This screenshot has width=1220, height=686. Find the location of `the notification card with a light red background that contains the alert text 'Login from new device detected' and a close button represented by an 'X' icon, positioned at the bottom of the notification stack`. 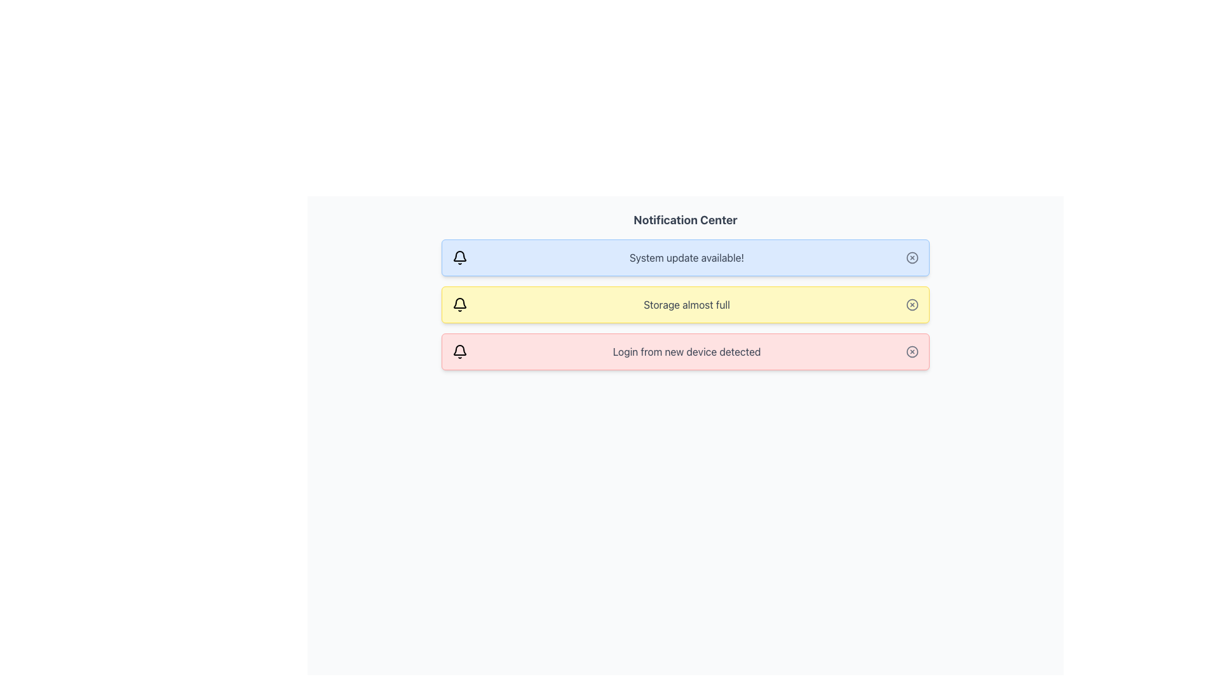

the notification card with a light red background that contains the alert text 'Login from new device detected' and a close button represented by an 'X' icon, positioned at the bottom of the notification stack is located at coordinates (685, 352).